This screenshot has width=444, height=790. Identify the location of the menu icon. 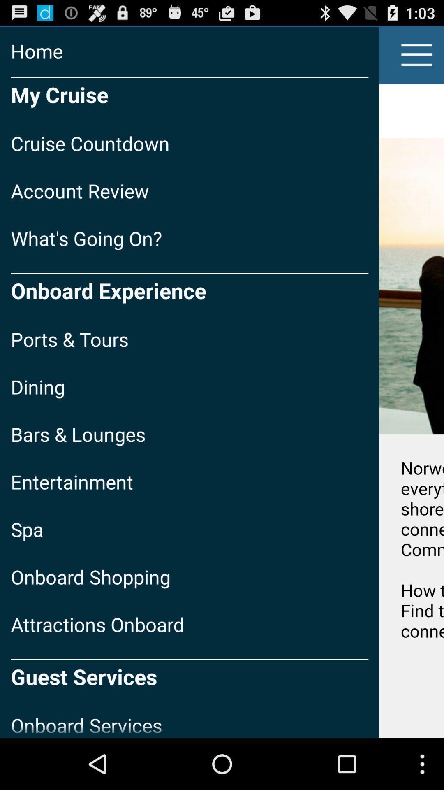
(417, 58).